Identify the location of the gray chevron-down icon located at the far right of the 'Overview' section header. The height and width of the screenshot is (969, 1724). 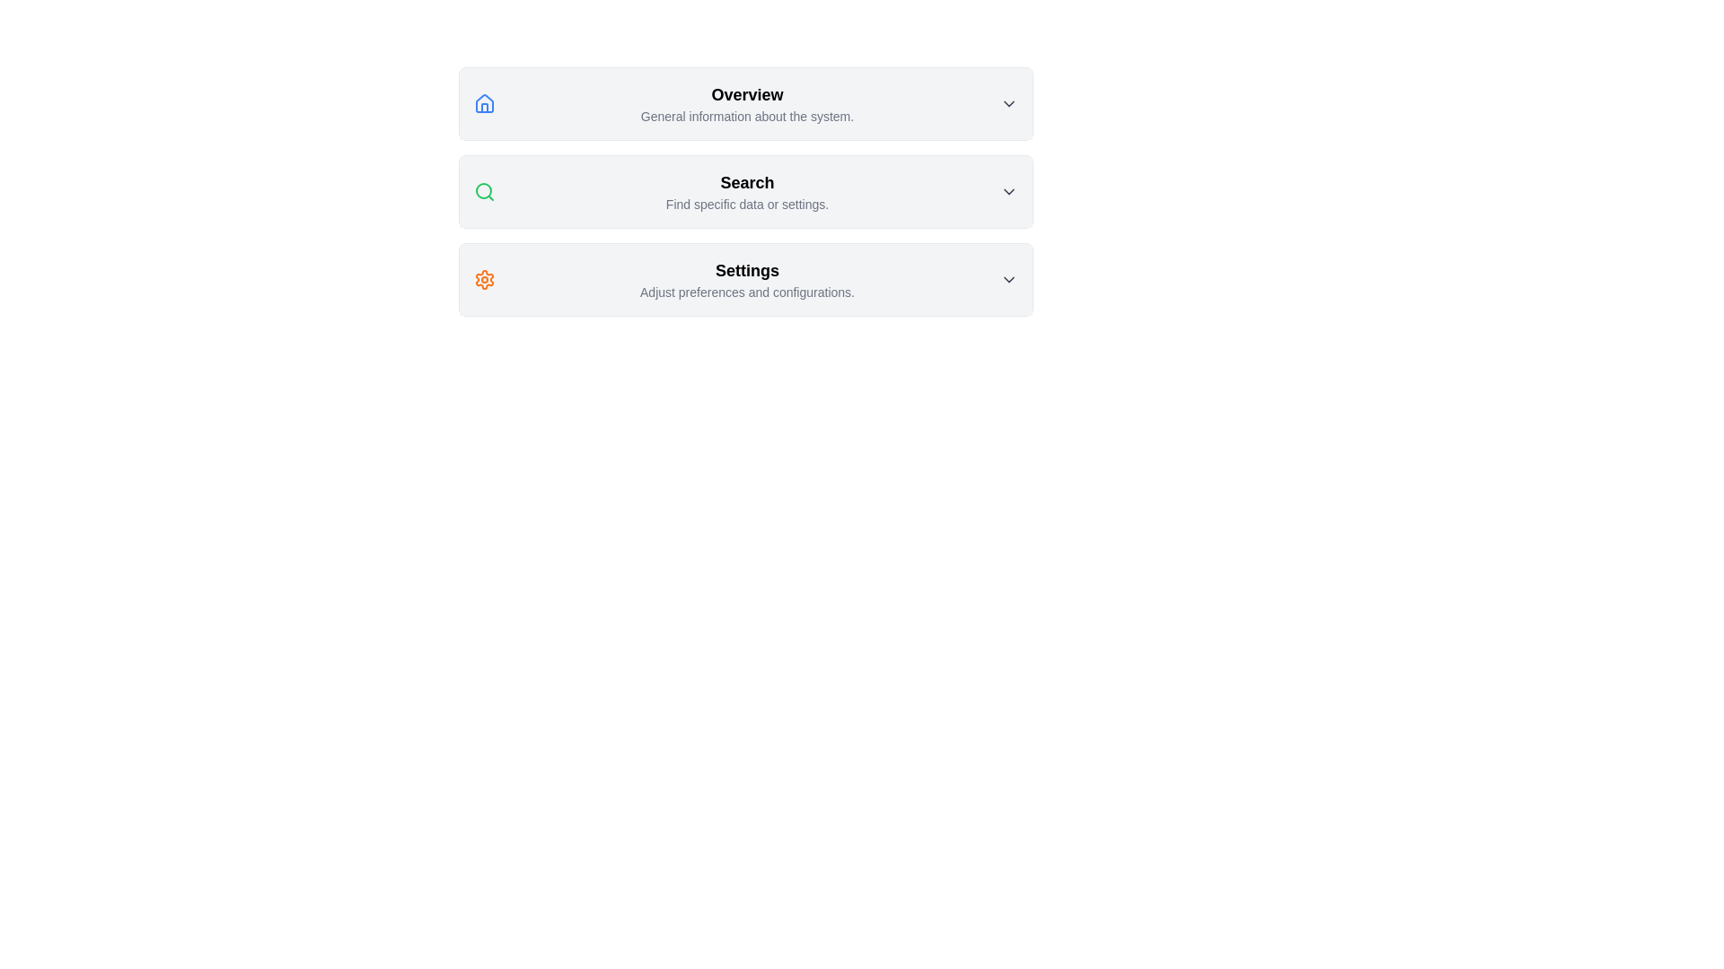
(1008, 103).